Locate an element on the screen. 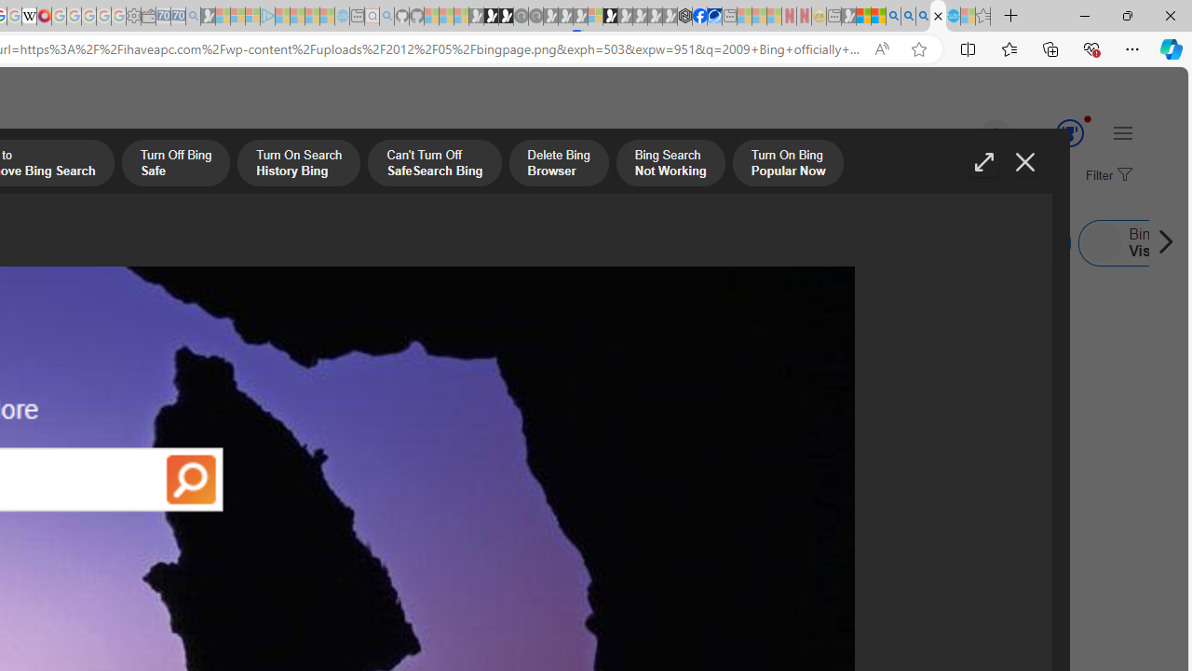 The image size is (1192, 671). 'Can' is located at coordinates (433, 164).